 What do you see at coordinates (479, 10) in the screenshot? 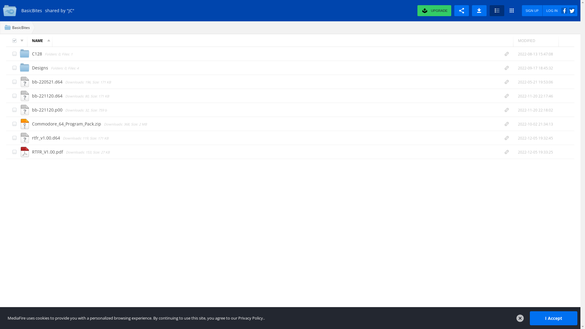
I see `'Download folder'` at bounding box center [479, 10].